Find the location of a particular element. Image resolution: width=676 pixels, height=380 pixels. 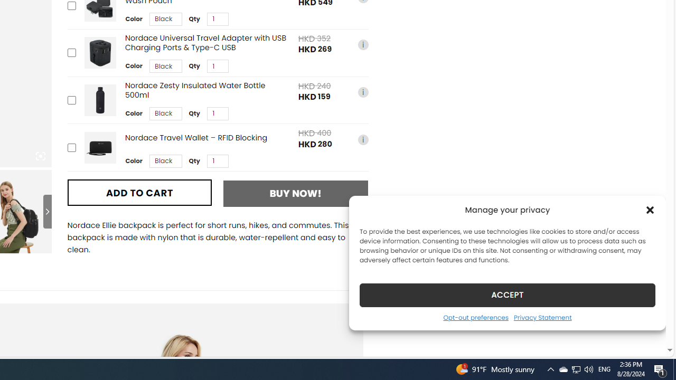

'Class: cmplz-close' is located at coordinates (650, 210).